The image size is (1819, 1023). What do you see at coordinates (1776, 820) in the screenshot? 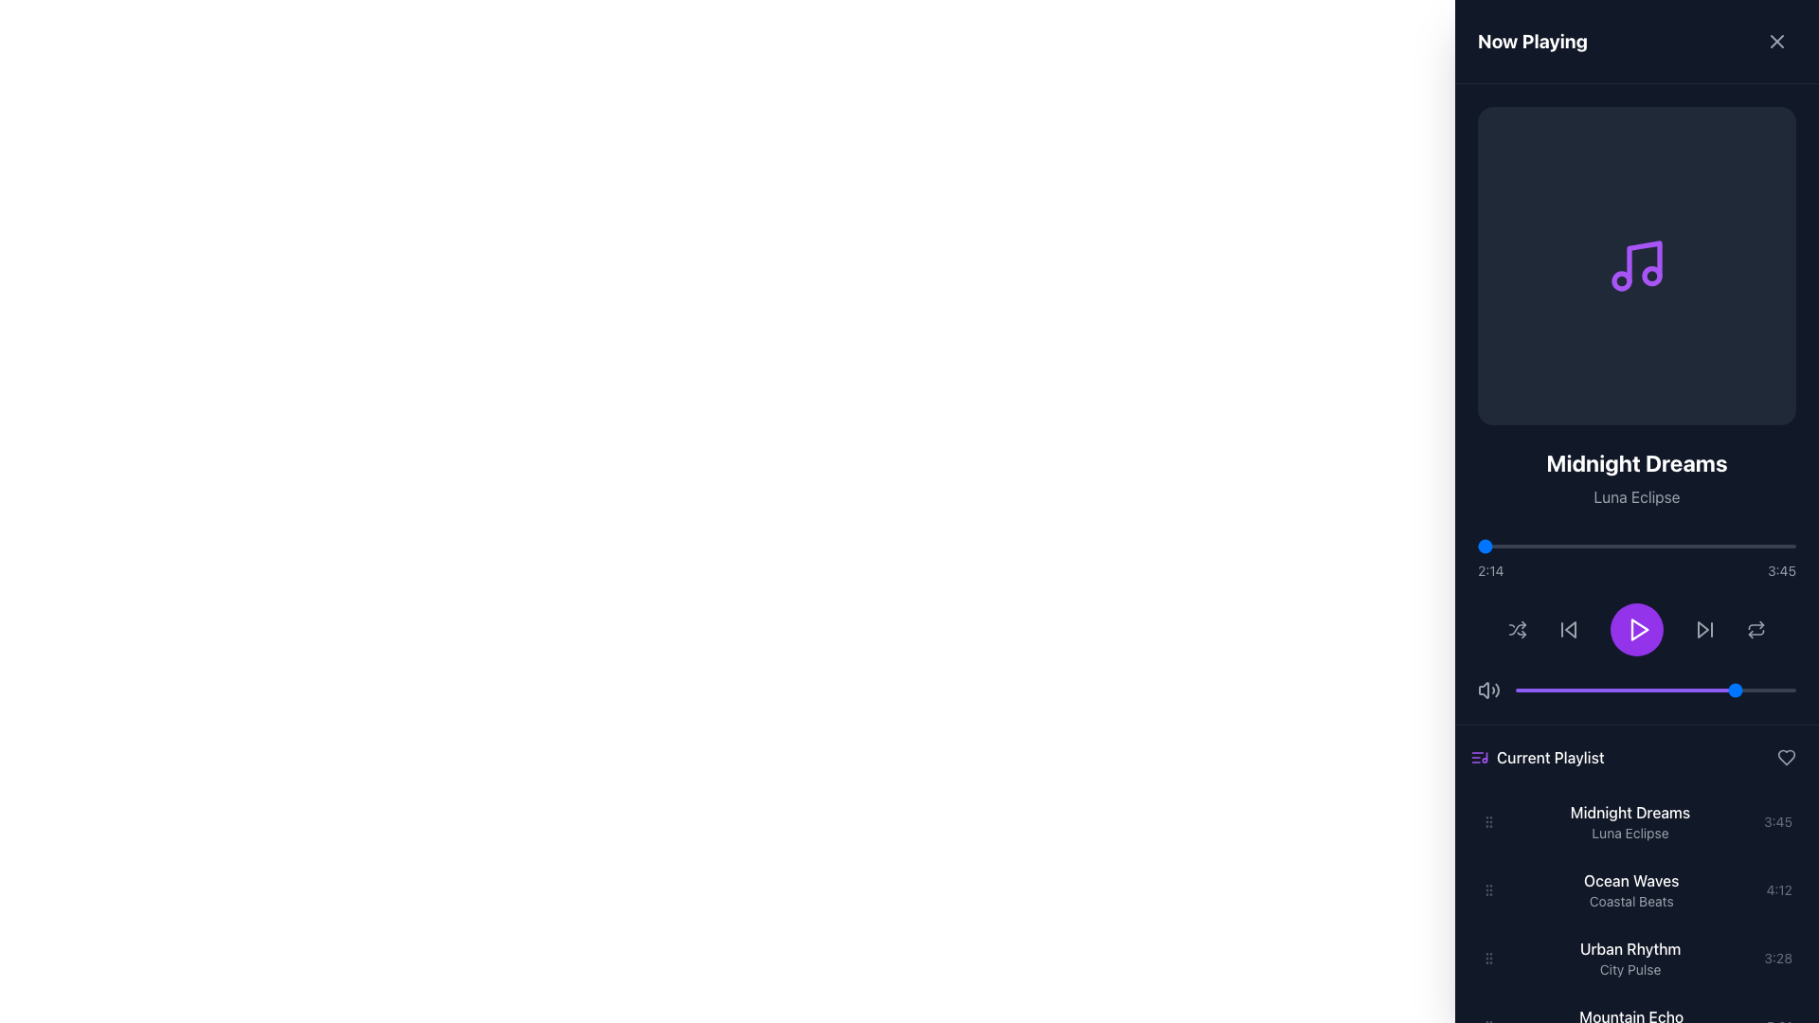
I see `the text label indicating the duration of the track 'Midnight Dreams' in the playlist section, which is aligned with other similar entries` at bounding box center [1776, 820].